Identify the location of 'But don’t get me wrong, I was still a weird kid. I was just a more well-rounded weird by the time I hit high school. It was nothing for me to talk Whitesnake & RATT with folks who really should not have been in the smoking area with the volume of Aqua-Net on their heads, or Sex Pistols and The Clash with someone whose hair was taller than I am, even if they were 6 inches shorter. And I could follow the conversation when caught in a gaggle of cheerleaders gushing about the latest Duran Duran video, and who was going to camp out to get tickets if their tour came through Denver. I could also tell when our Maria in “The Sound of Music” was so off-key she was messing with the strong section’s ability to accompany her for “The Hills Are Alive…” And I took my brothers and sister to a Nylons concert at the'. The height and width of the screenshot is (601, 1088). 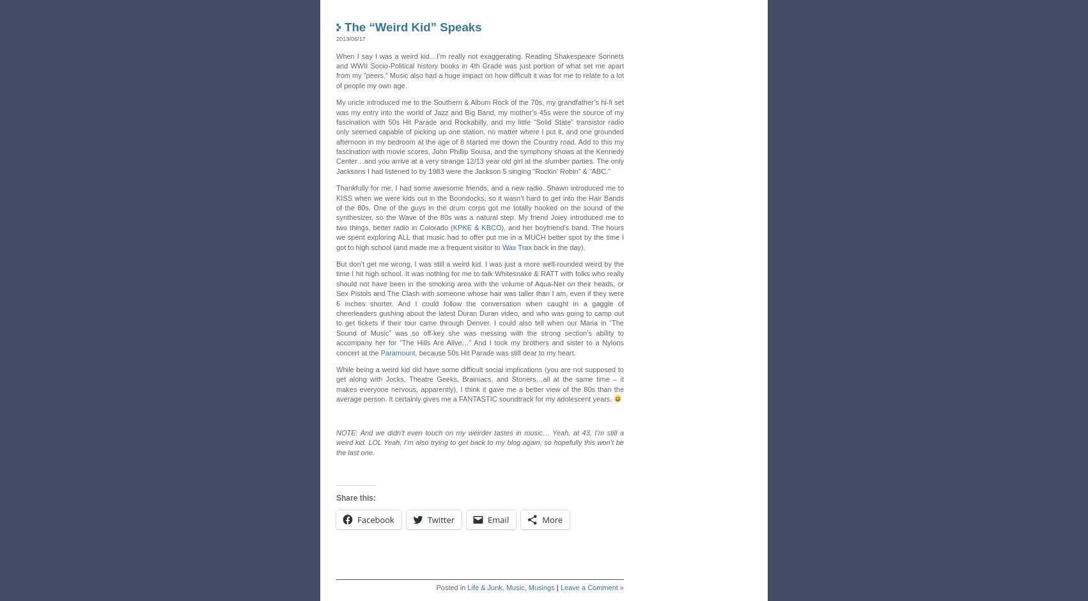
(479, 308).